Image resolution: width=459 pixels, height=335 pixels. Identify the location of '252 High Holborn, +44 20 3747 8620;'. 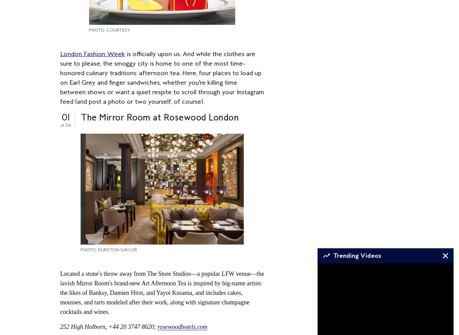
(108, 326).